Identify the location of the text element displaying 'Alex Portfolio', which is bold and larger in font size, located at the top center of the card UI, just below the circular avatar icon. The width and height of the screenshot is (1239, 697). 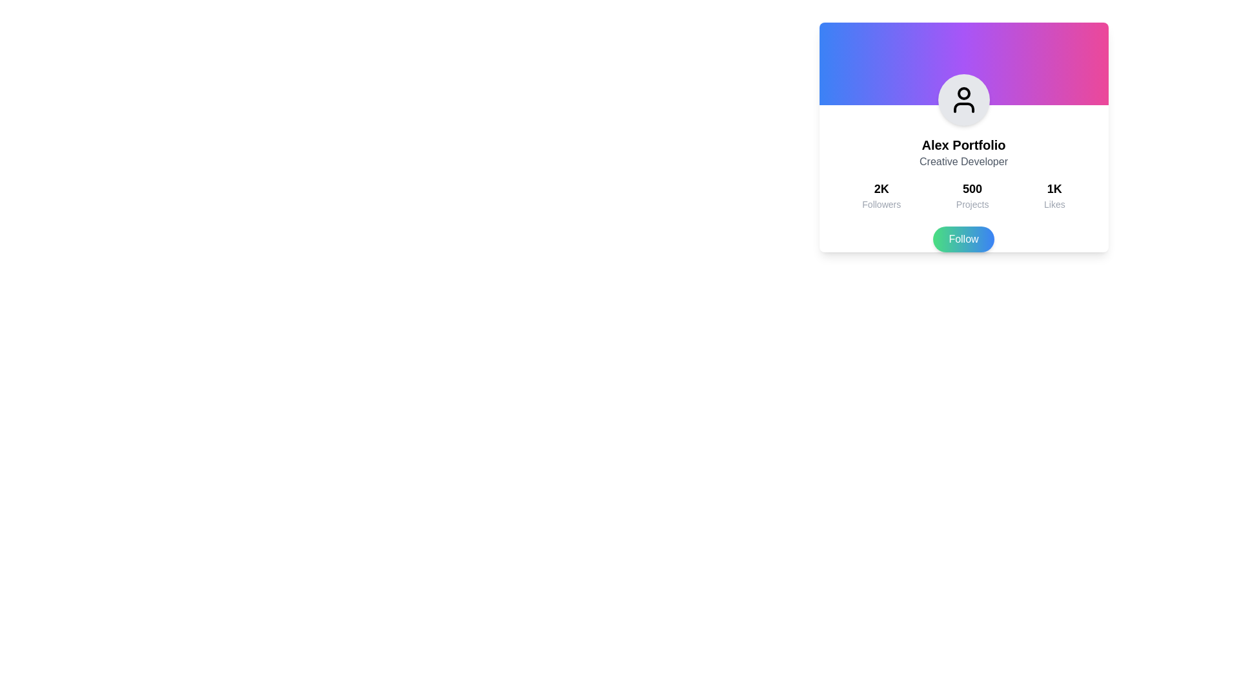
(963, 145).